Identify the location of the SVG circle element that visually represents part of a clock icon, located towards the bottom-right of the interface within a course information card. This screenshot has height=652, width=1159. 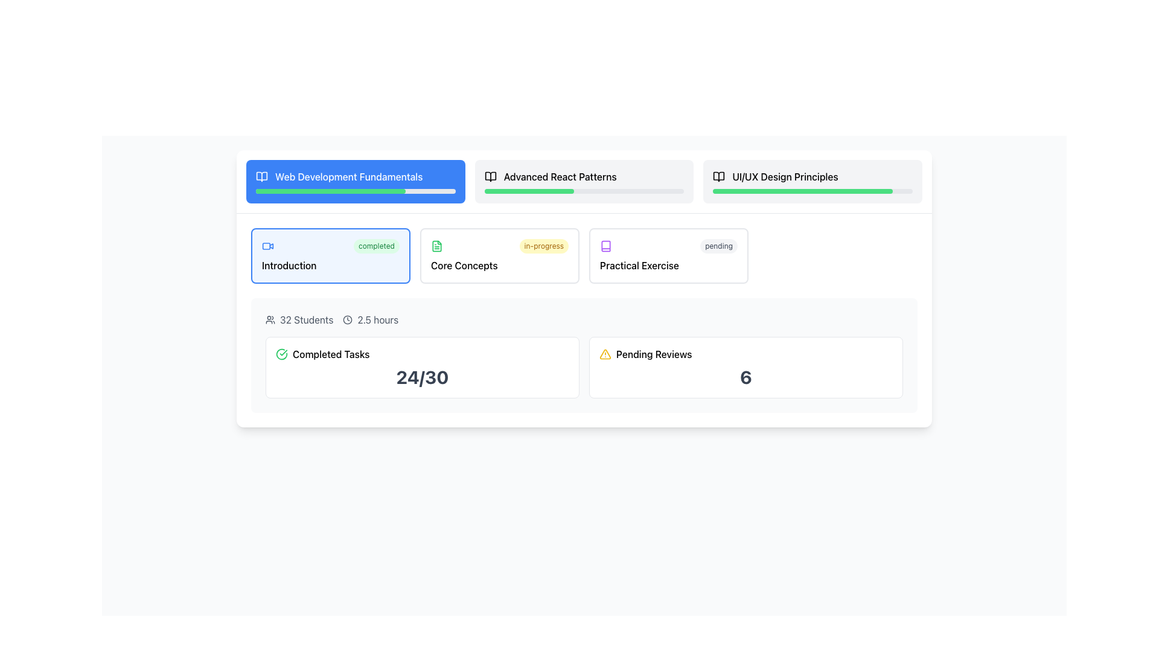
(347, 319).